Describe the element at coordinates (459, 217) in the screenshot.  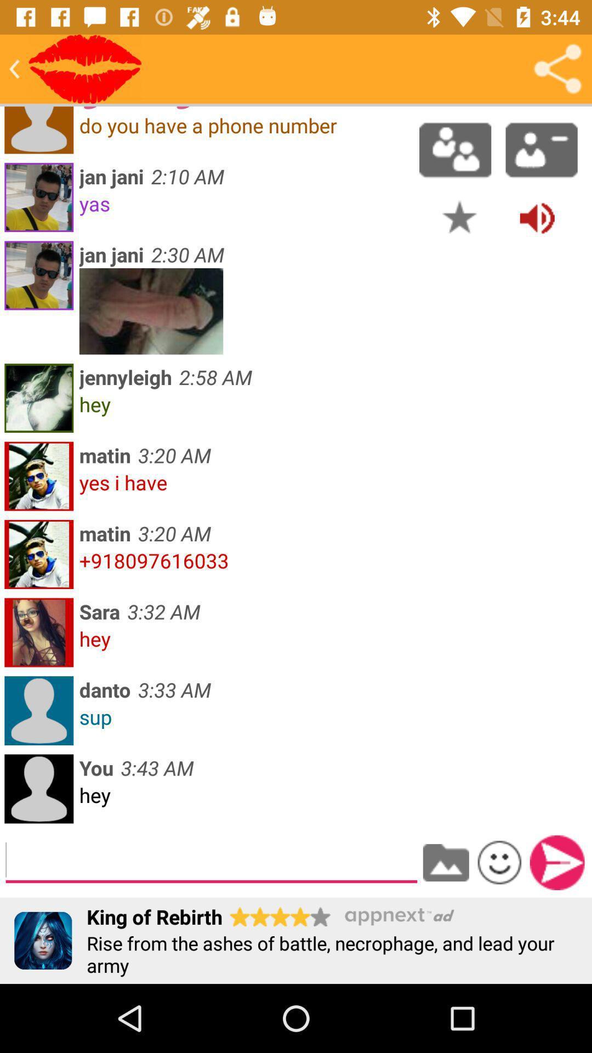
I see `the star icon` at that location.